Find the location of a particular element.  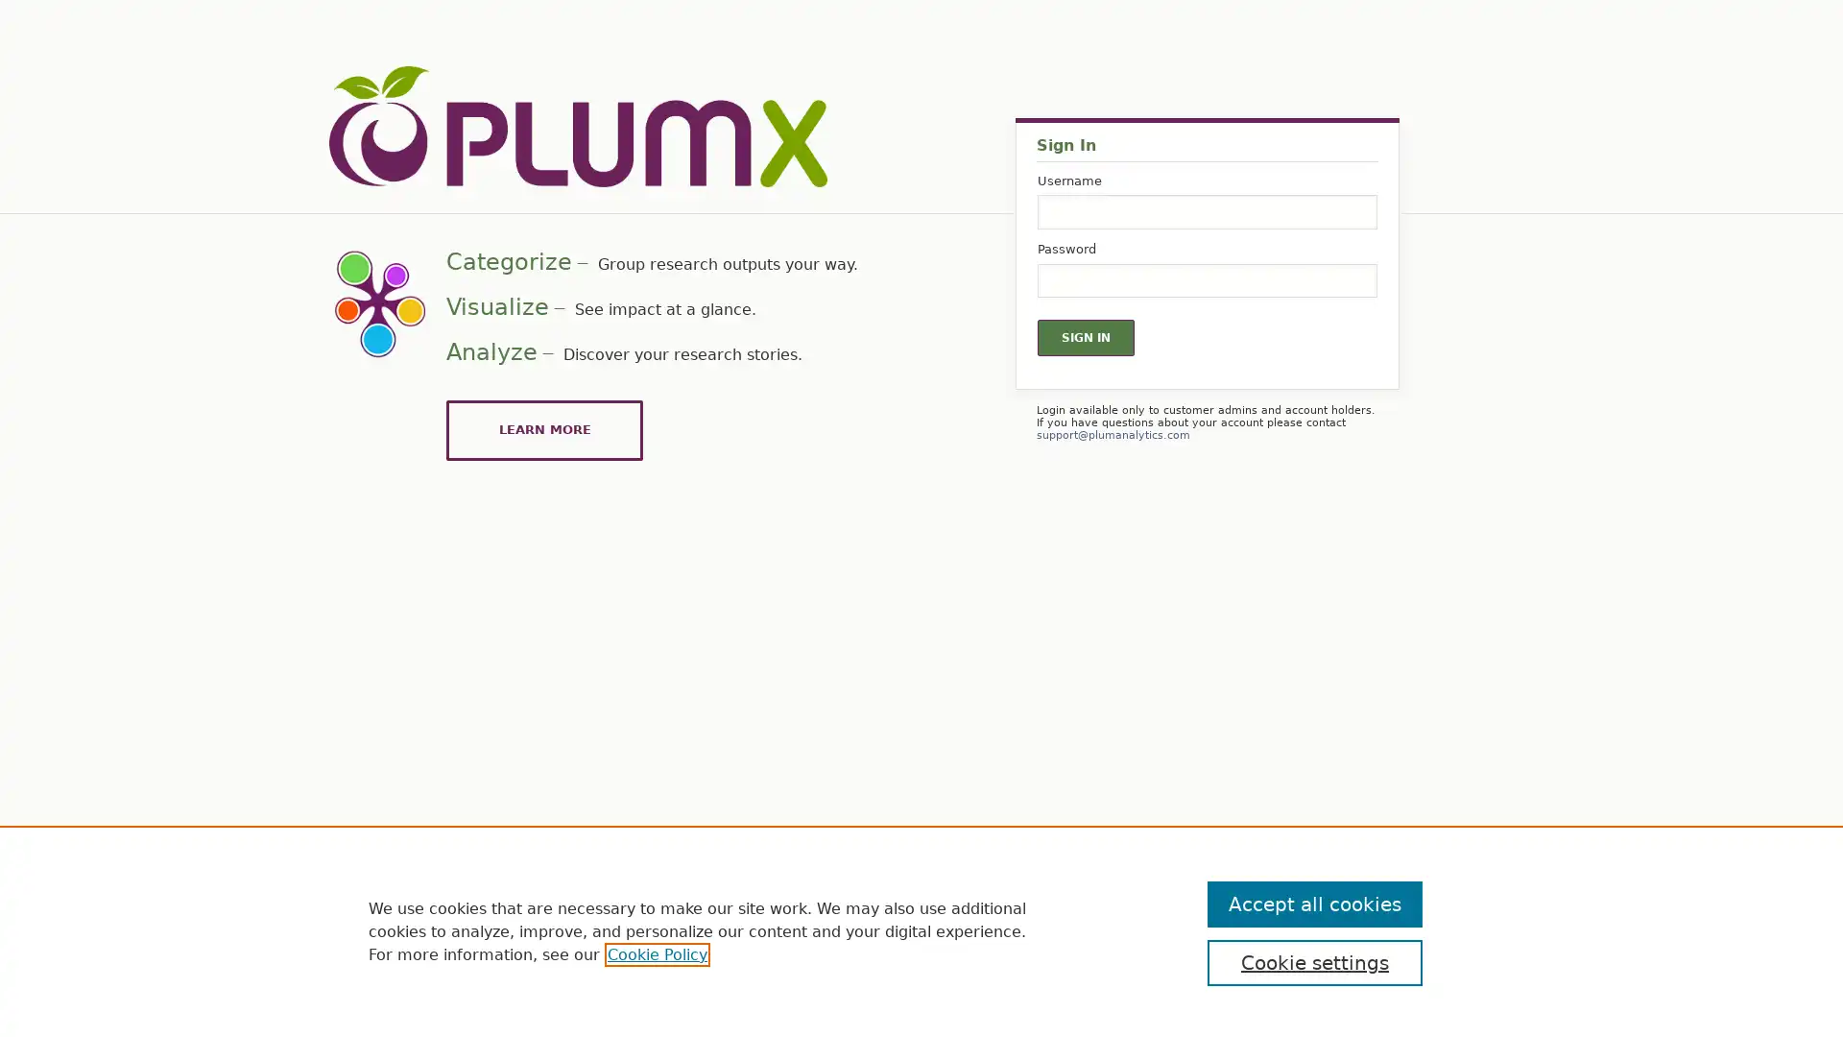

Cookie settings is located at coordinates (1312, 962).